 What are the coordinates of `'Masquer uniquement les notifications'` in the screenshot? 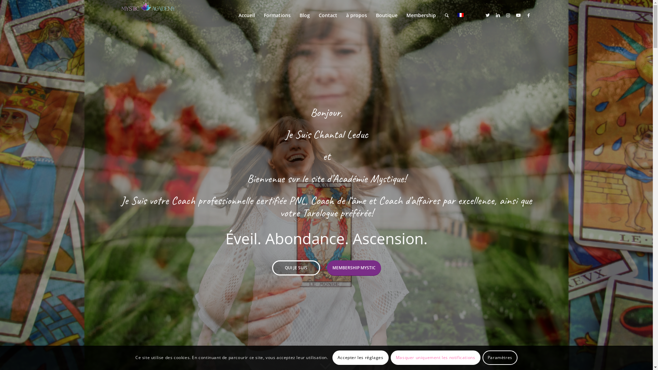 It's located at (391, 357).